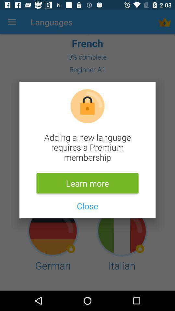 The height and width of the screenshot is (311, 175). I want to click on the item below learn more icon, so click(87, 205).